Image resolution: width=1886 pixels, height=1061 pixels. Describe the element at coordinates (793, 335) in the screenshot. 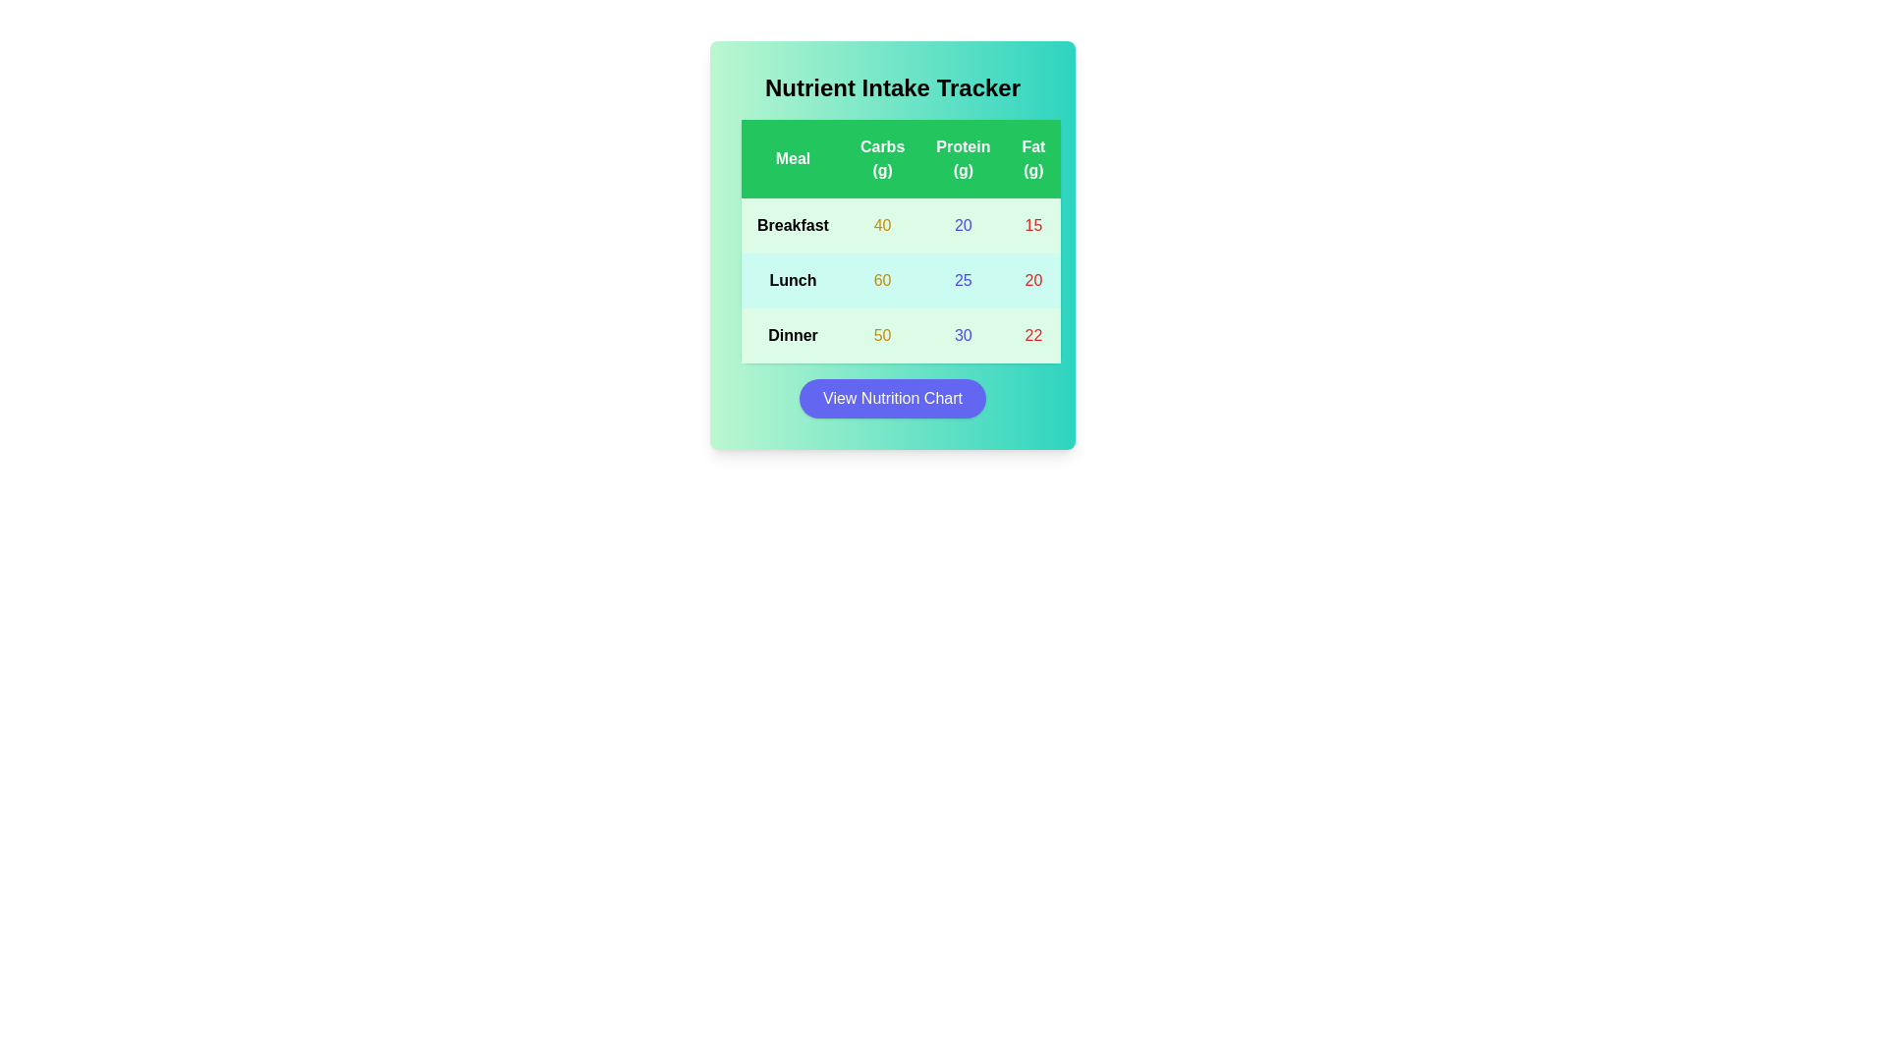

I see `the text of a specific row in the table by selecting Dinner` at that location.